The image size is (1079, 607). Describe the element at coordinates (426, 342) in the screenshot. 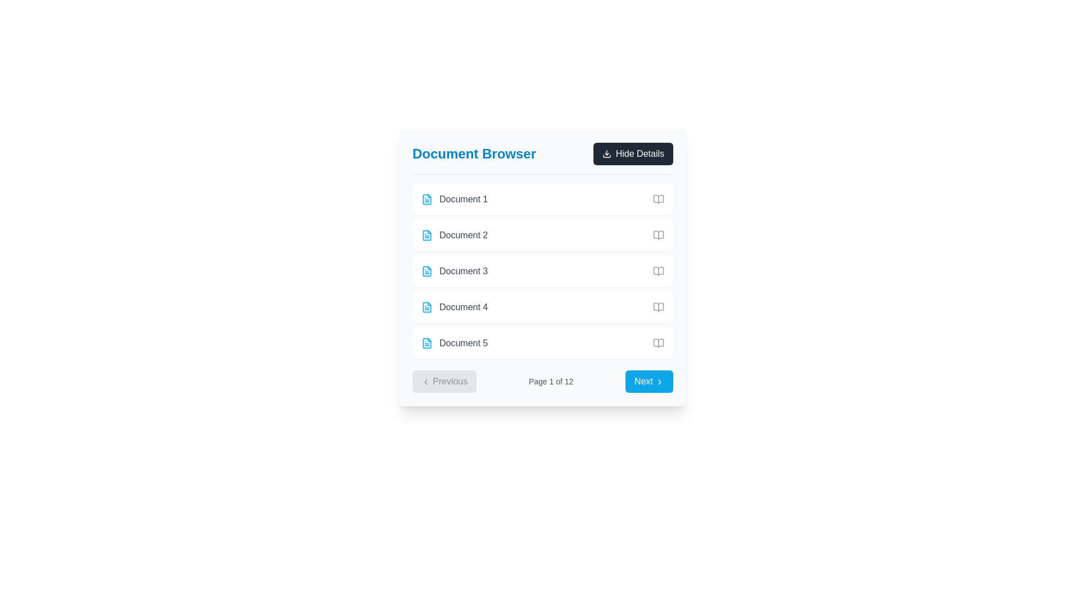

I see `the document icon that represents 'Document 5' in the document list, located at the far left of its row` at that location.